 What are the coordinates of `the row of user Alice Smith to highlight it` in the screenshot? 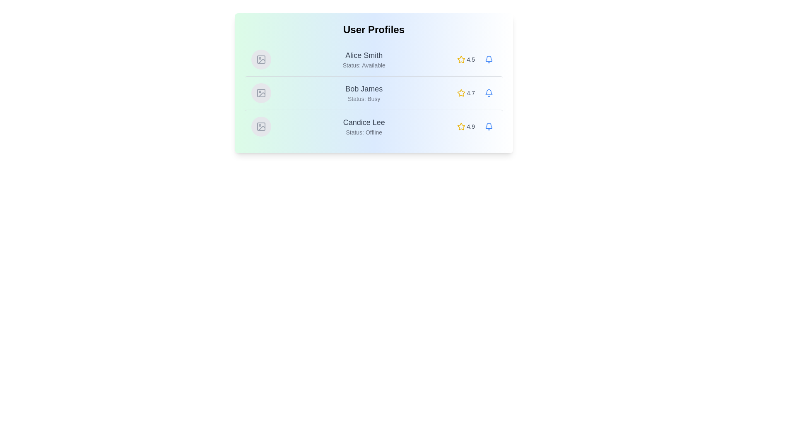 It's located at (373, 59).